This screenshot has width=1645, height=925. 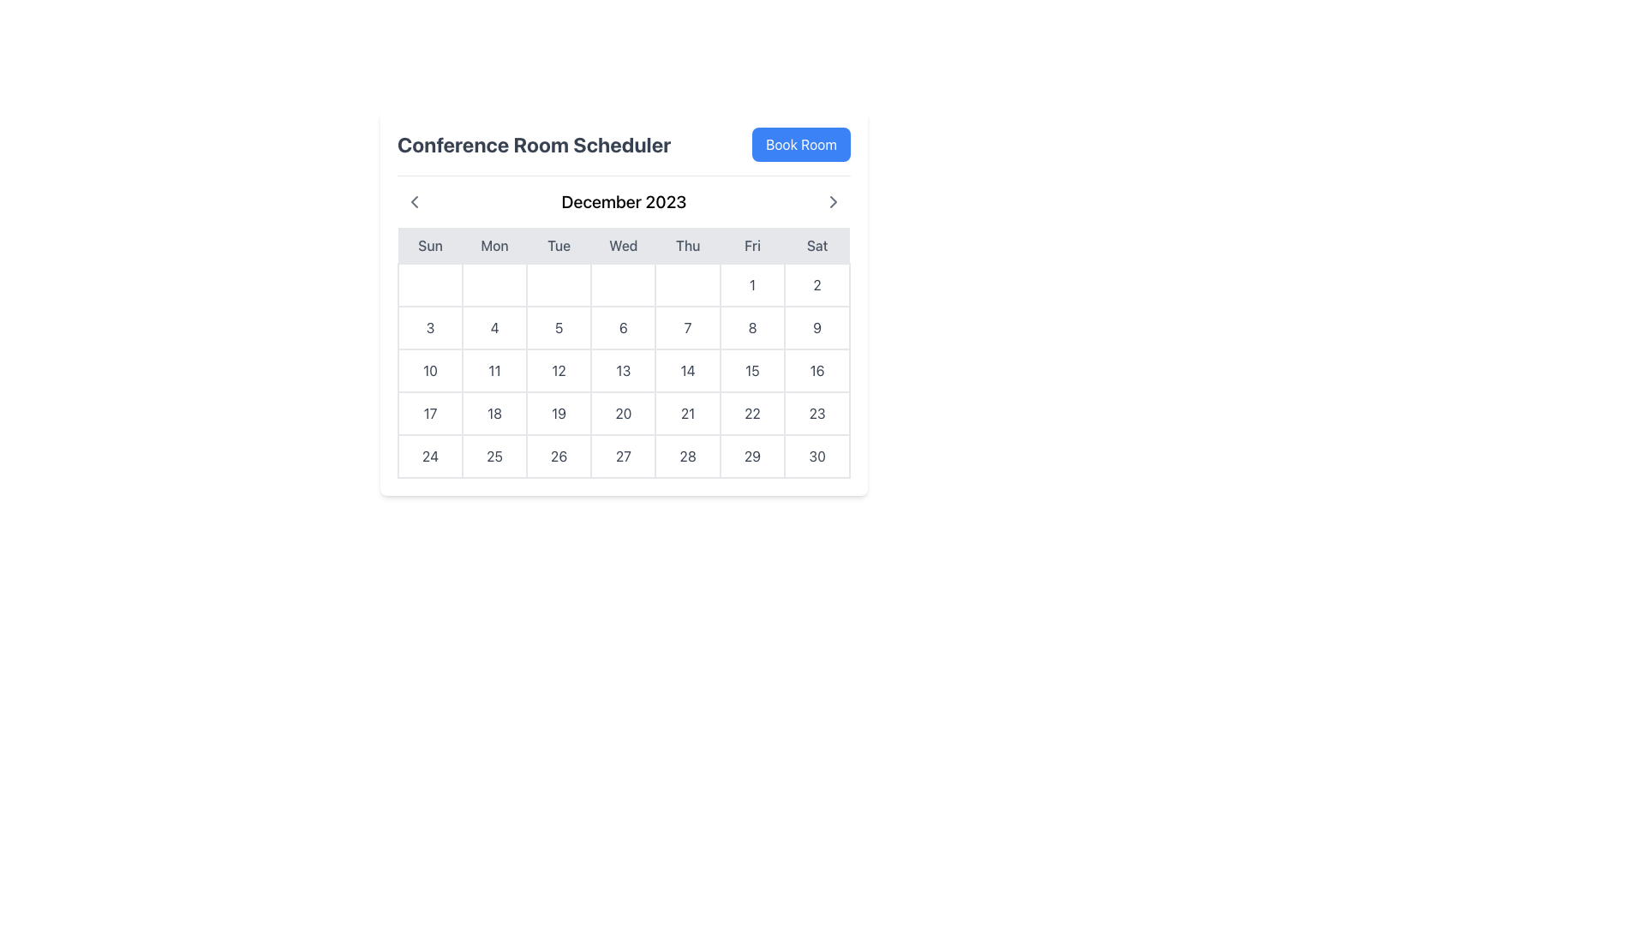 What do you see at coordinates (493, 327) in the screenshot?
I see `the calendar day cell representing the date '4', which is centrally located in its row of consecutive day cells in the calendar interface` at bounding box center [493, 327].